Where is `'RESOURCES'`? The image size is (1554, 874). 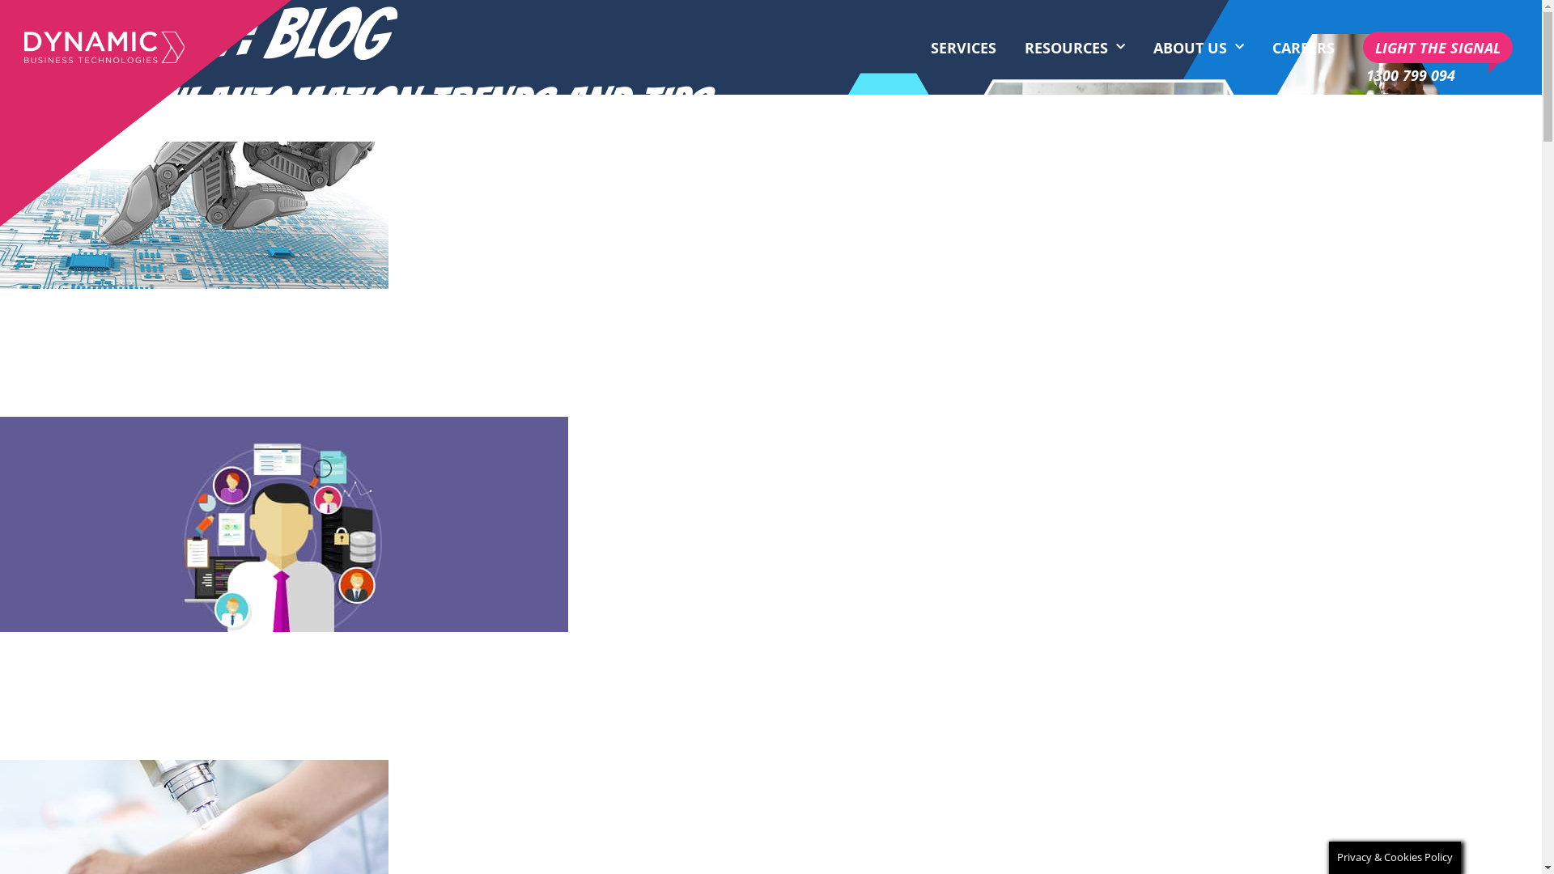
'RESOURCES' is located at coordinates (1075, 46).